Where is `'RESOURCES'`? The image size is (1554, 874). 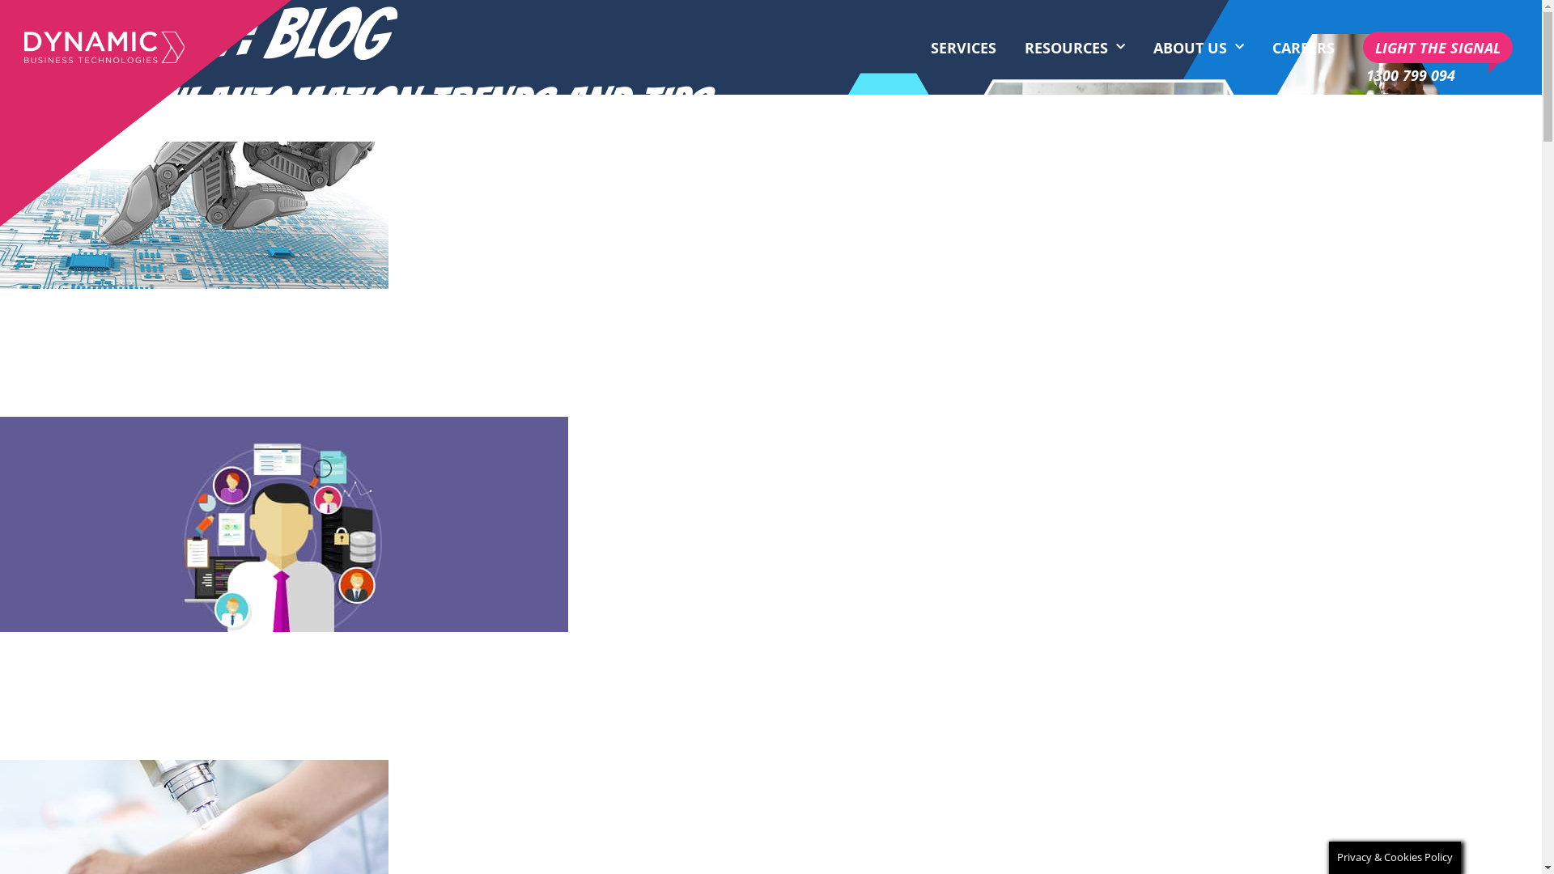
'RESOURCES' is located at coordinates (1075, 46).